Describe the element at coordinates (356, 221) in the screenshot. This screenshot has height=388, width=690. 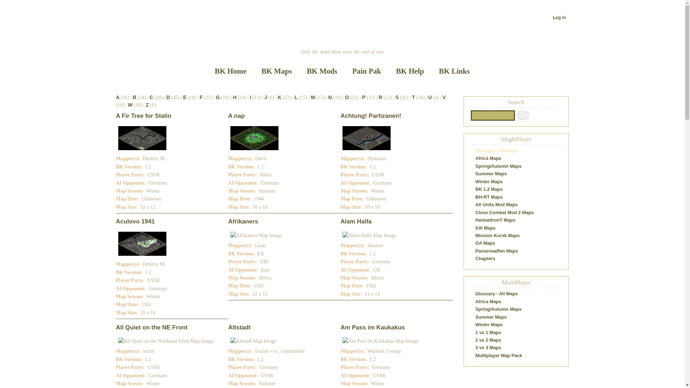
I see `'Alam Halfa'` at that location.